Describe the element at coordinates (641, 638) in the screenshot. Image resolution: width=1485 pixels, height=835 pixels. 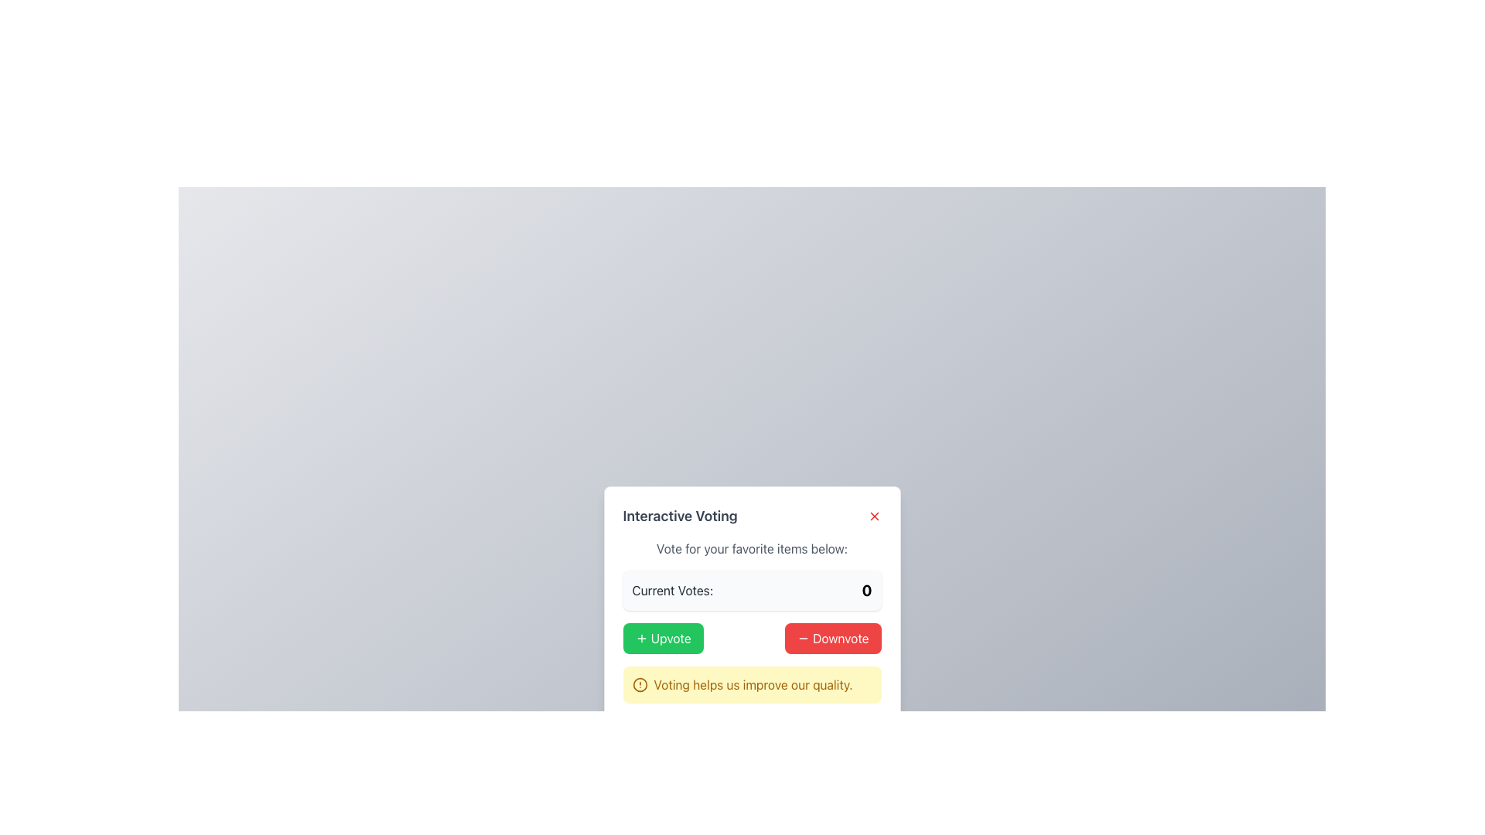
I see `the plus sign icon representing the upvote action located at the center-left of the Upvote button in the voting interface` at that location.